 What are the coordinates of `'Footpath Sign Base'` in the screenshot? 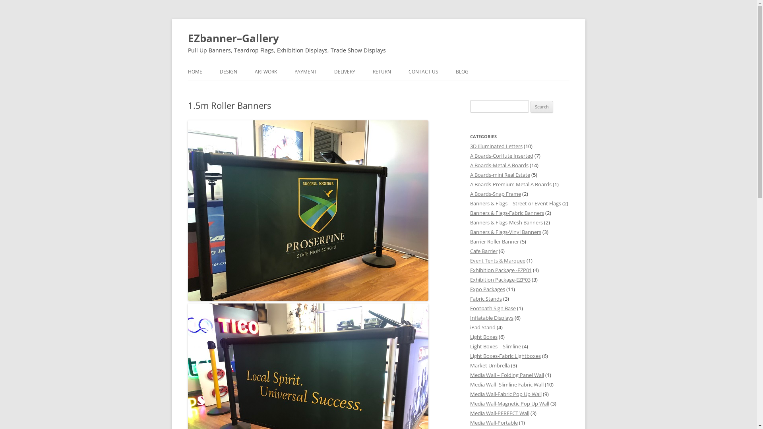 It's located at (492, 307).